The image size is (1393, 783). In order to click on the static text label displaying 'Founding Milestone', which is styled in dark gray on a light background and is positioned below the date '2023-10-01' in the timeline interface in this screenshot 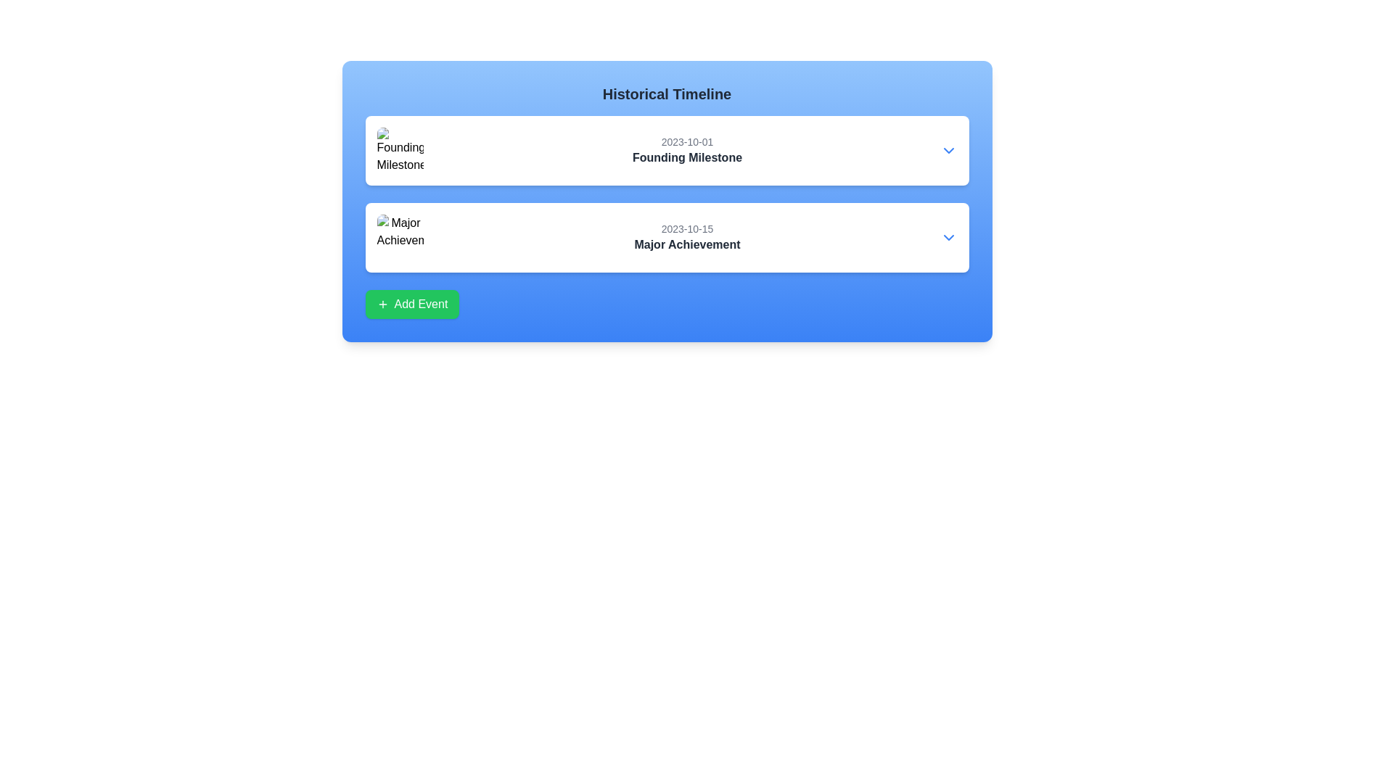, I will do `click(686, 158)`.